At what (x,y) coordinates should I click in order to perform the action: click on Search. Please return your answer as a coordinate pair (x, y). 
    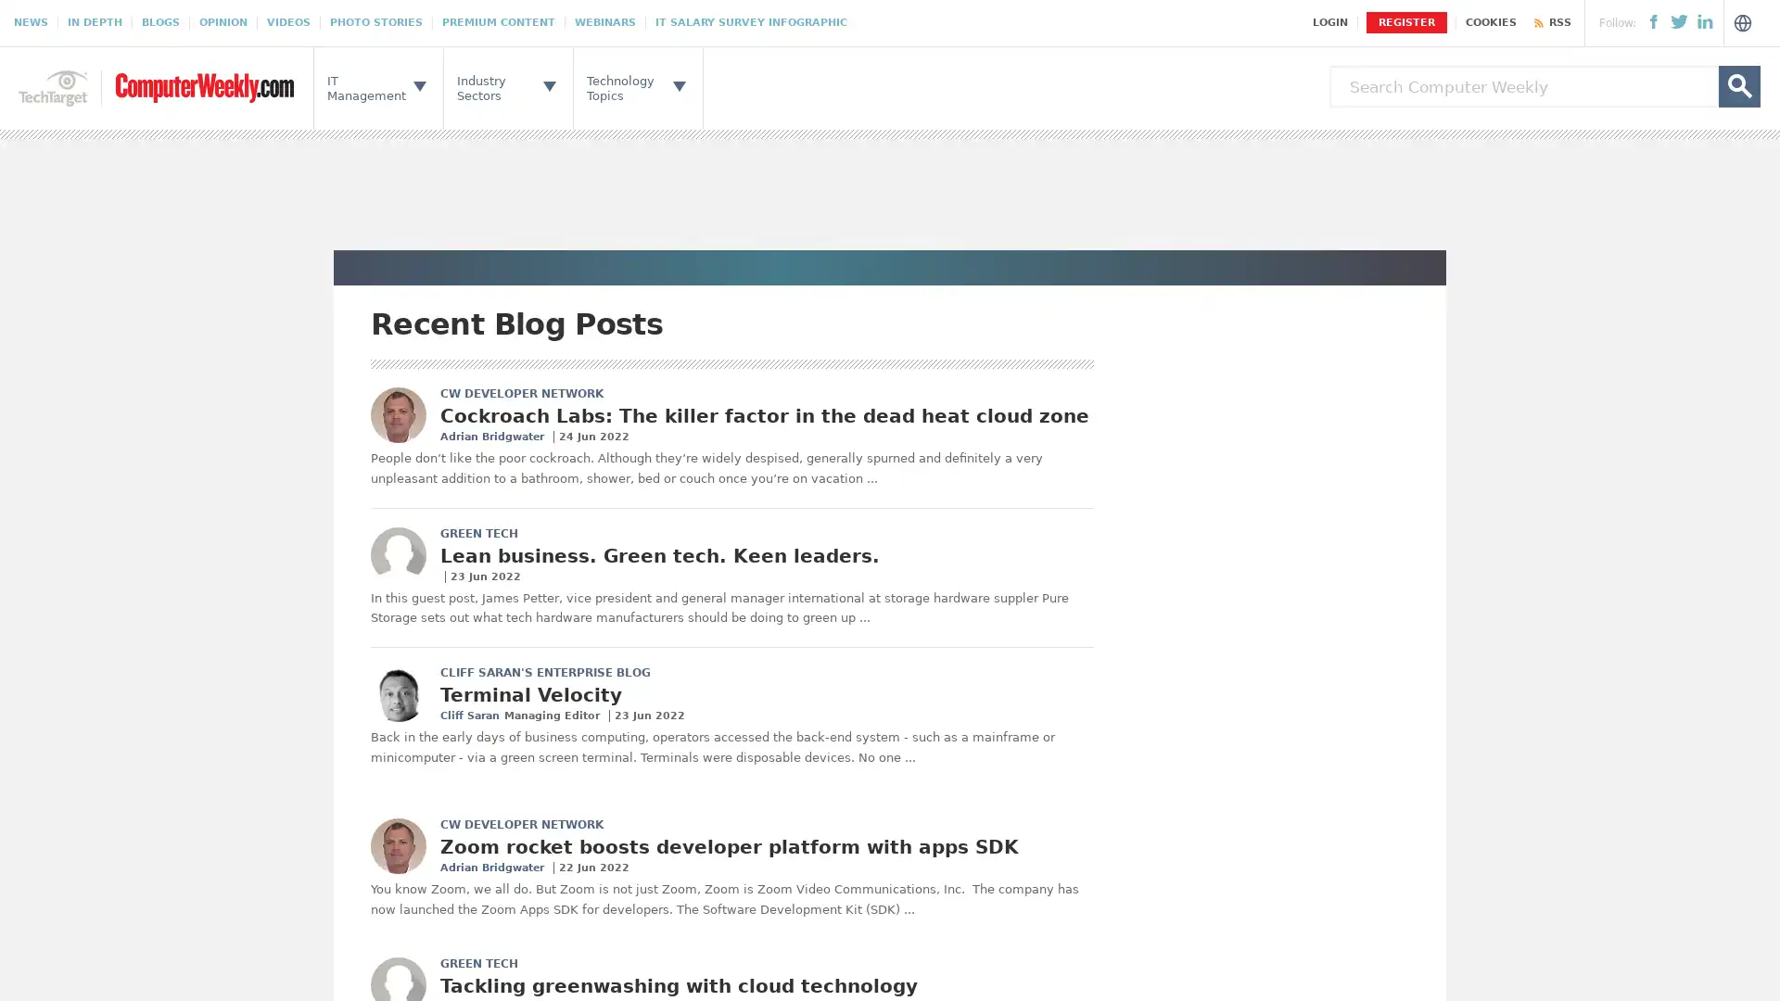
    Looking at the image, I should click on (1738, 86).